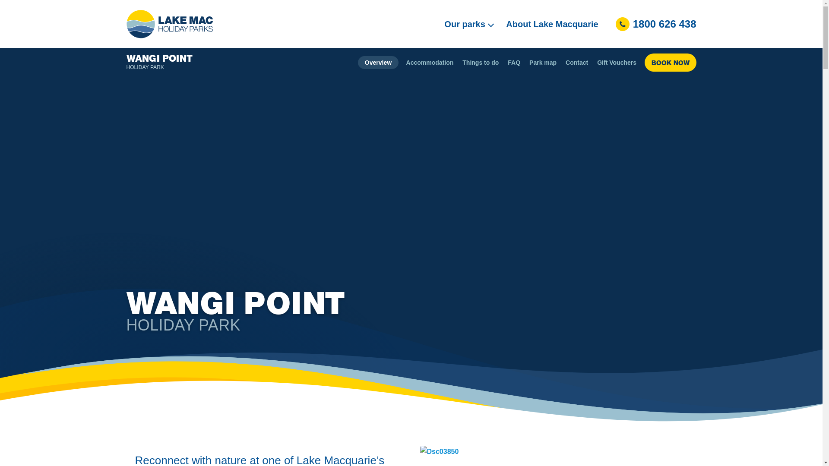 This screenshot has width=829, height=466. What do you see at coordinates (468, 23) in the screenshot?
I see `'Our parks'` at bounding box center [468, 23].